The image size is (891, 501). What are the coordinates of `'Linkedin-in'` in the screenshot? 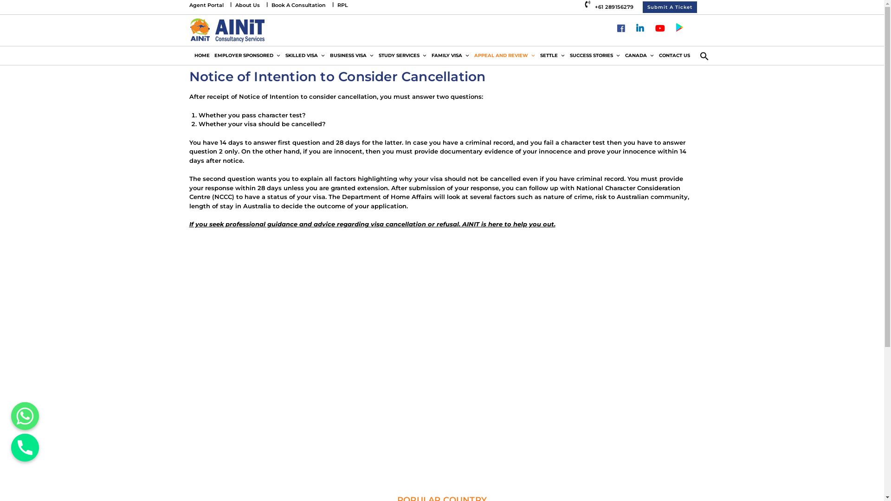 It's located at (639, 28).